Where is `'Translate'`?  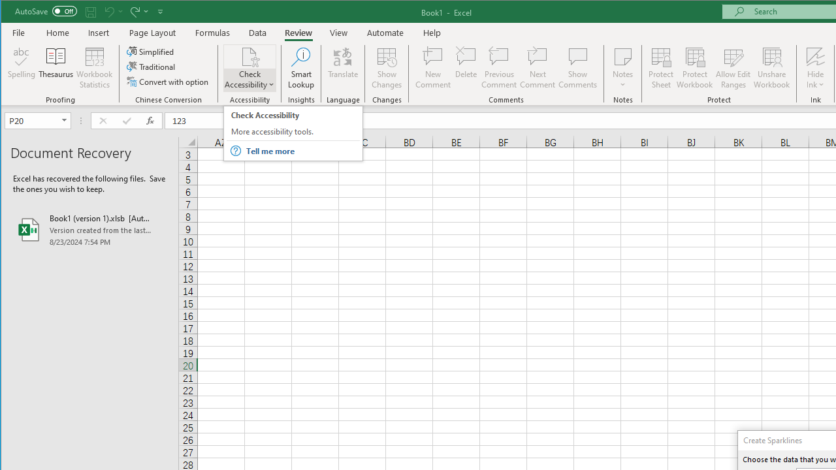
'Translate' is located at coordinates (343, 68).